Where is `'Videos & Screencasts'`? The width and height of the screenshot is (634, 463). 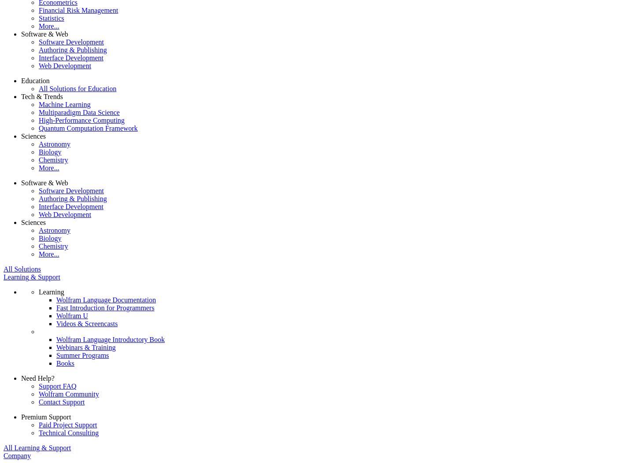 'Videos & Screencasts' is located at coordinates (87, 323).